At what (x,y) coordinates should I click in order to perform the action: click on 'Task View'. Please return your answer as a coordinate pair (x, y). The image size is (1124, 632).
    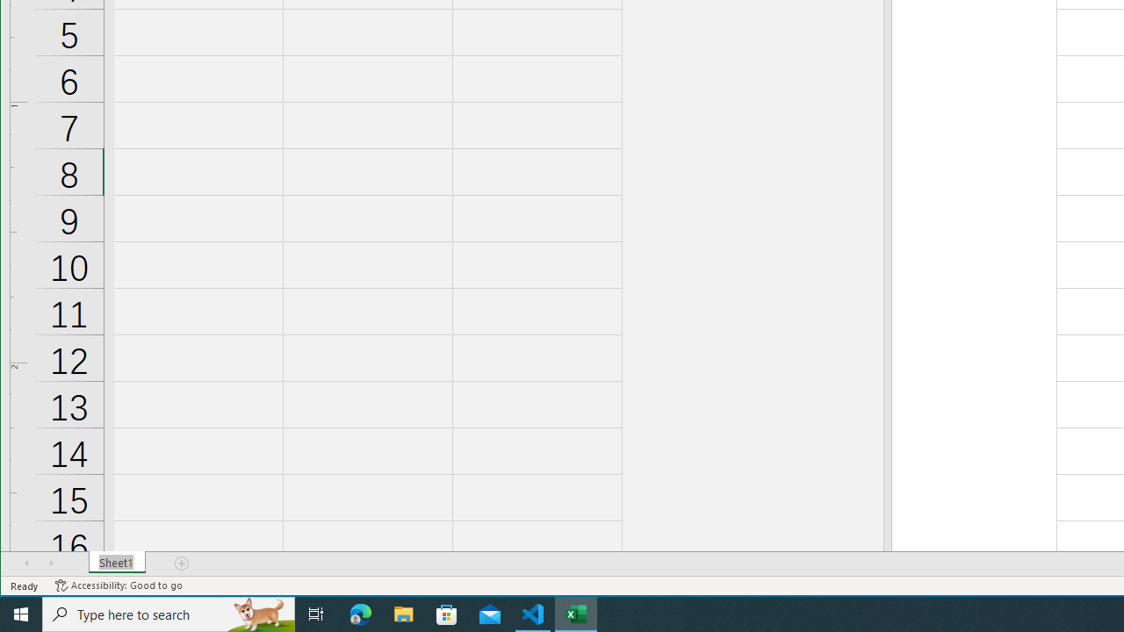
    Looking at the image, I should click on (315, 613).